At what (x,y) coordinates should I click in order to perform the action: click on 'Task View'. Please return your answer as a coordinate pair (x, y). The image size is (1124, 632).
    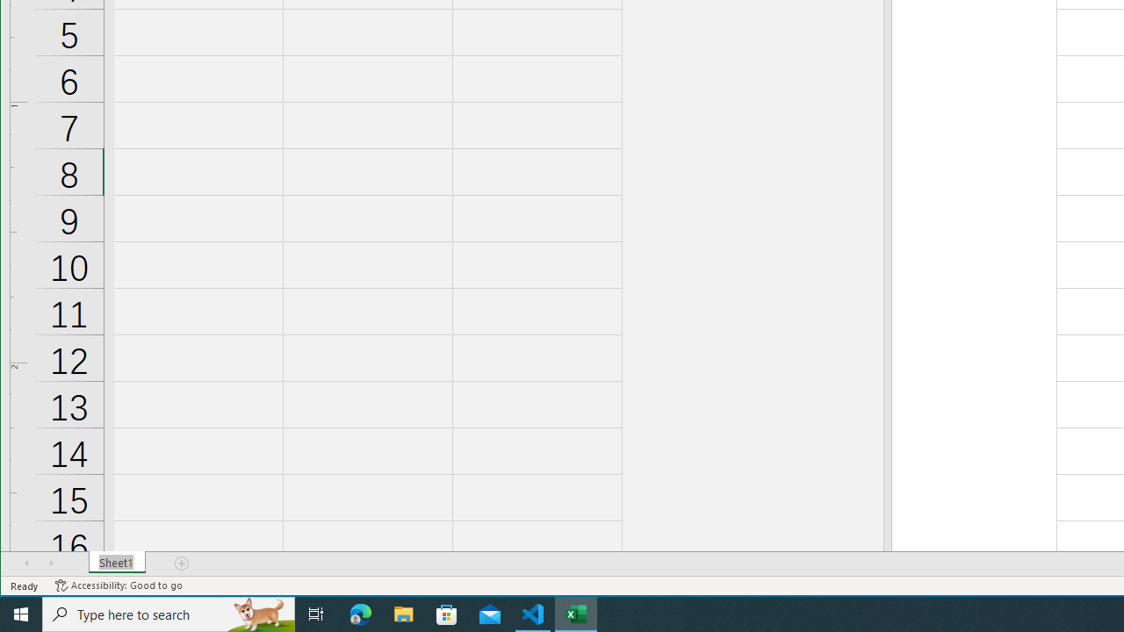
    Looking at the image, I should click on (315, 613).